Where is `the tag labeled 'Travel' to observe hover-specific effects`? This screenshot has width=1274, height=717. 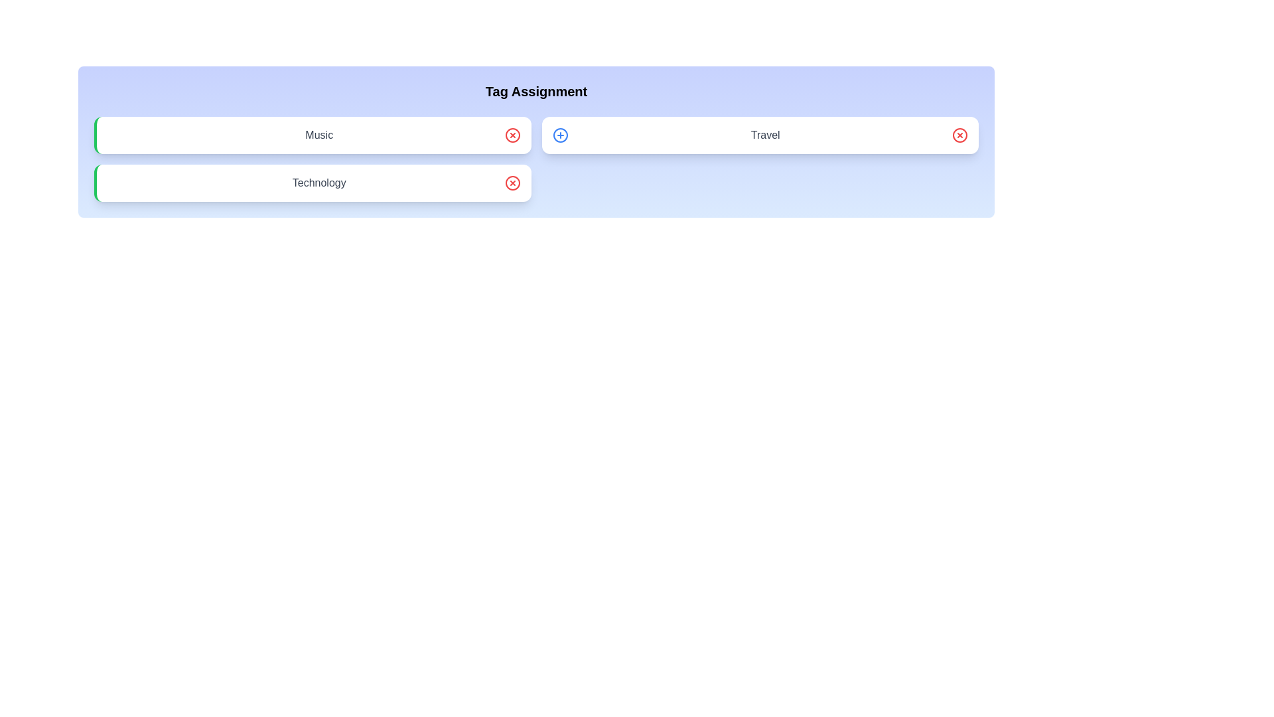
the tag labeled 'Travel' to observe hover-specific effects is located at coordinates (760, 135).